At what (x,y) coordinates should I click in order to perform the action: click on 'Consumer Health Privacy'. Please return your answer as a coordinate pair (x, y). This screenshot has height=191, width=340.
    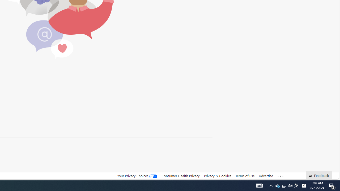
    Looking at the image, I should click on (181, 176).